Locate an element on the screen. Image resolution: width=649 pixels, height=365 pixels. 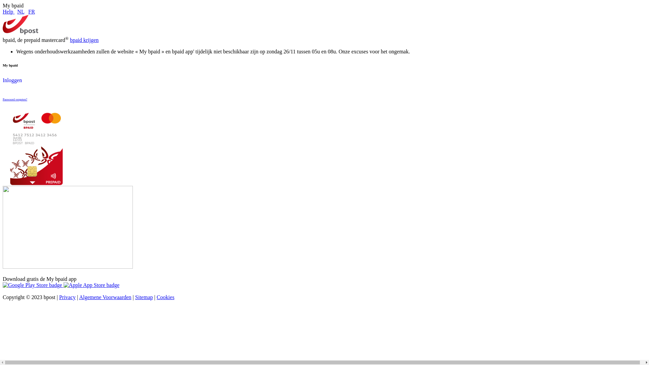
'Cookies' is located at coordinates (165, 297).